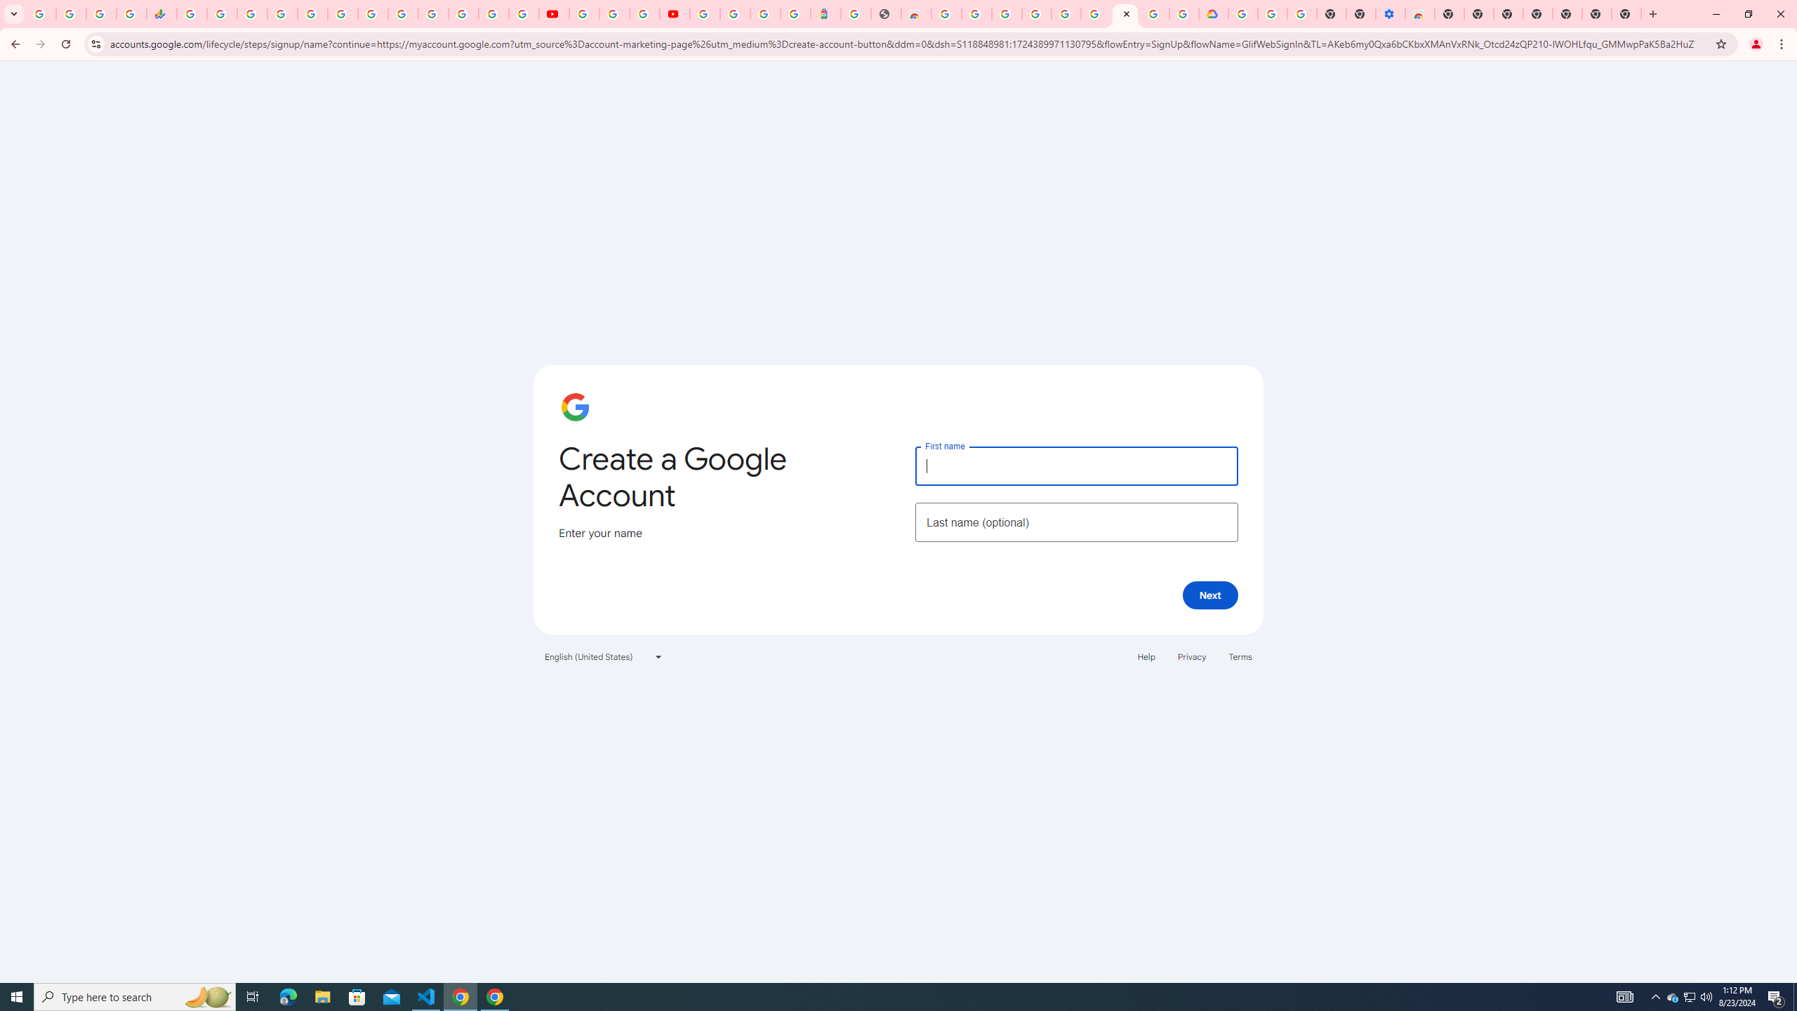 The width and height of the screenshot is (1797, 1011). What do you see at coordinates (552, 13) in the screenshot?
I see `'YouTube'` at bounding box center [552, 13].